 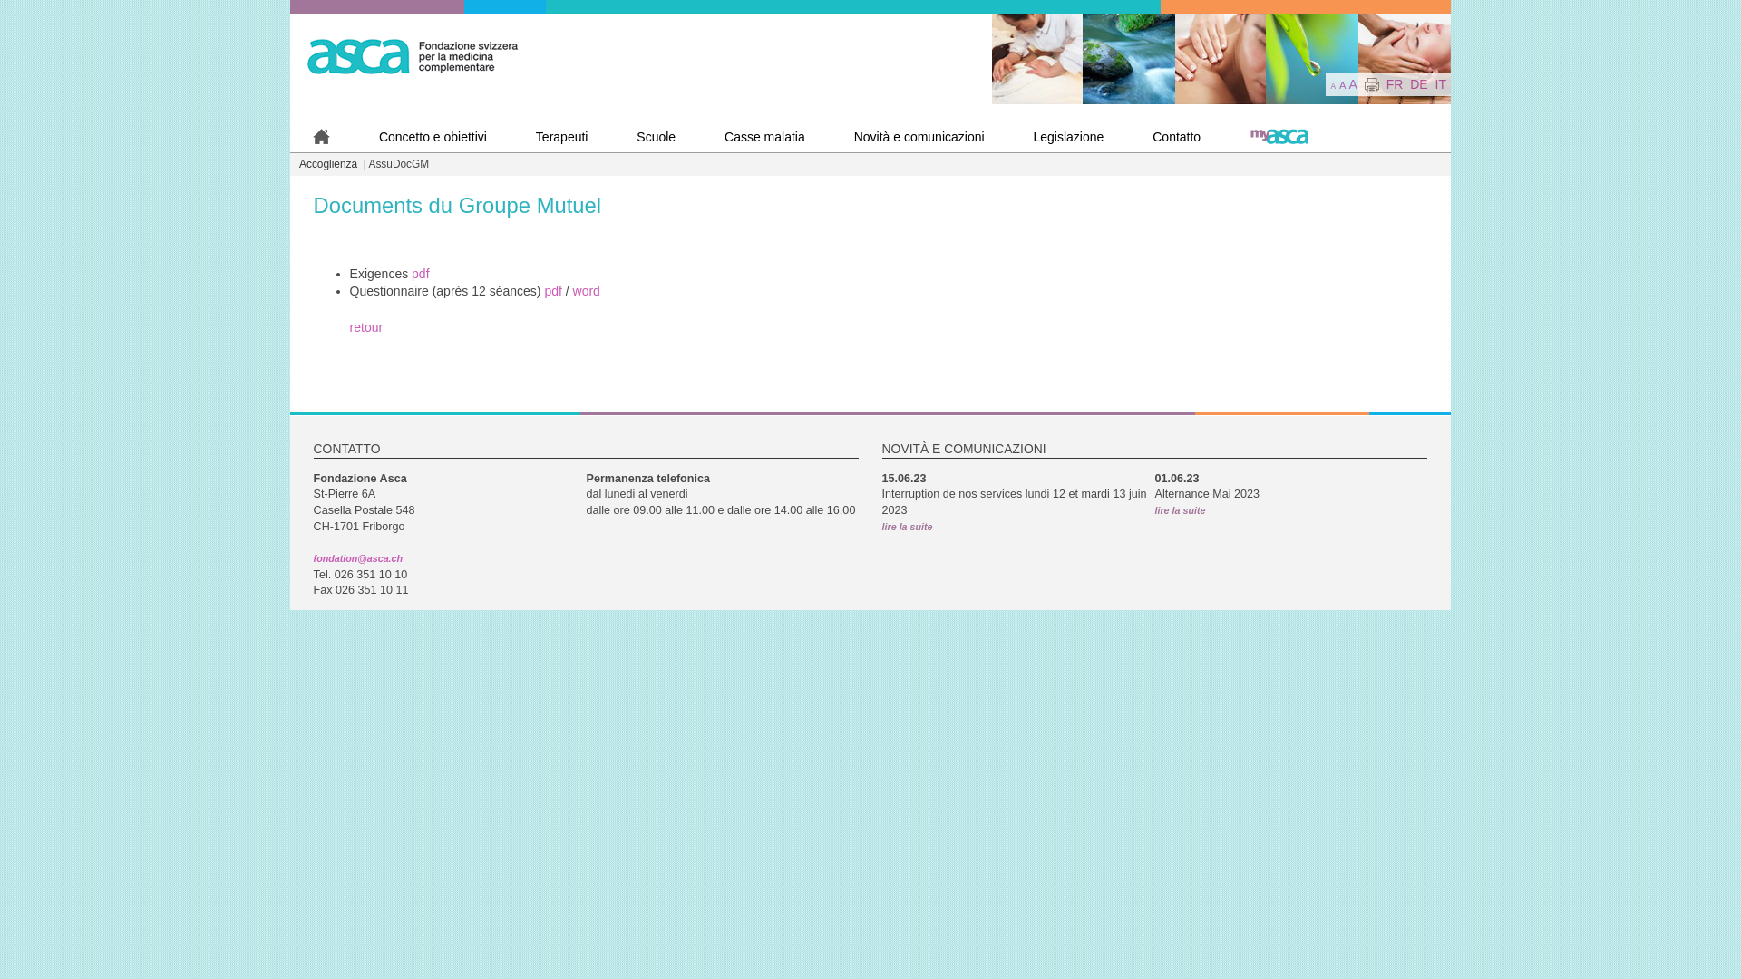 I want to click on 'banner', so click(x=1221, y=58).